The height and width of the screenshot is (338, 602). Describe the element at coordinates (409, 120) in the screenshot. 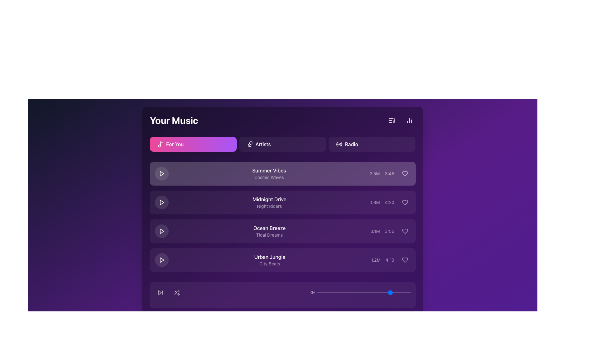

I see `the button with a chart-like icon located in the top-right section of the UI layout` at that location.